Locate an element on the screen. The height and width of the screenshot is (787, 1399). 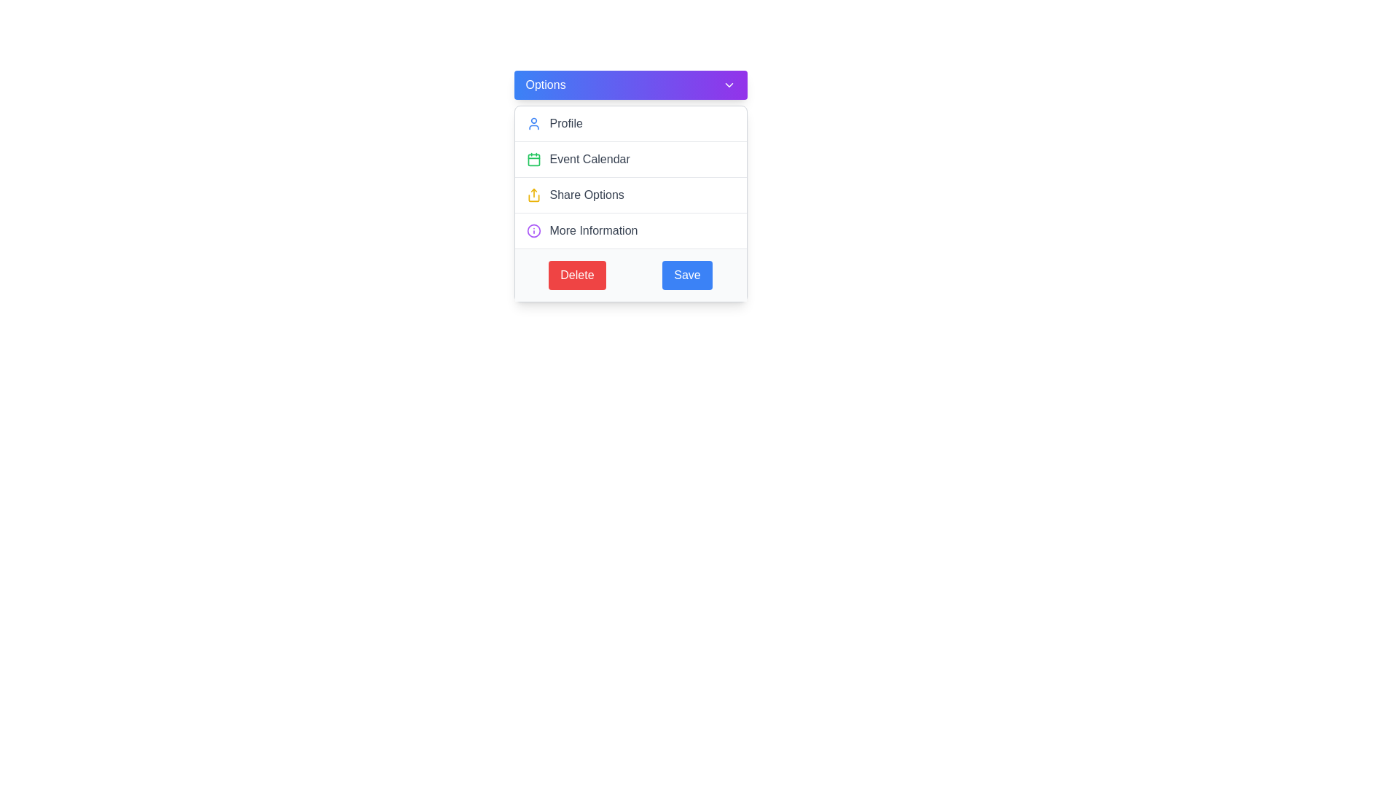
the Text Label that provides additional details or explanations, located at the bottom of the dropdown menu under the 'Options' button, between 'Share Options' and the 'Delete' and 'Save' buttons is located at coordinates (594, 230).